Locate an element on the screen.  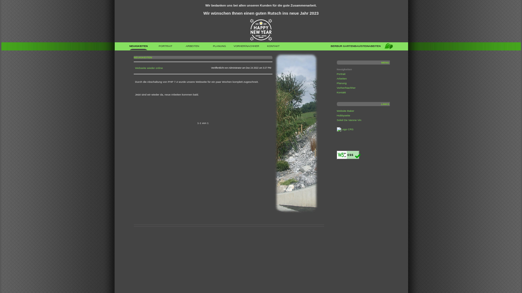
'NEUIGKEITEN' is located at coordinates (138, 47).